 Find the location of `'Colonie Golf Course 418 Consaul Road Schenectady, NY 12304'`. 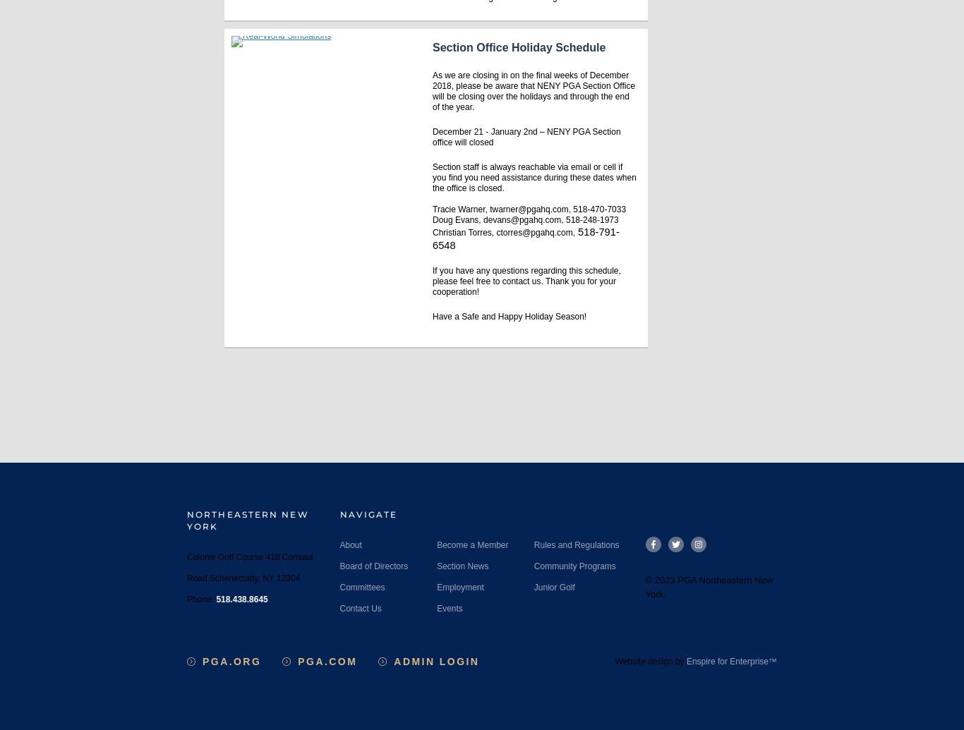

'Colonie Golf Course 418 Consaul Road Schenectady, NY 12304' is located at coordinates (187, 566).